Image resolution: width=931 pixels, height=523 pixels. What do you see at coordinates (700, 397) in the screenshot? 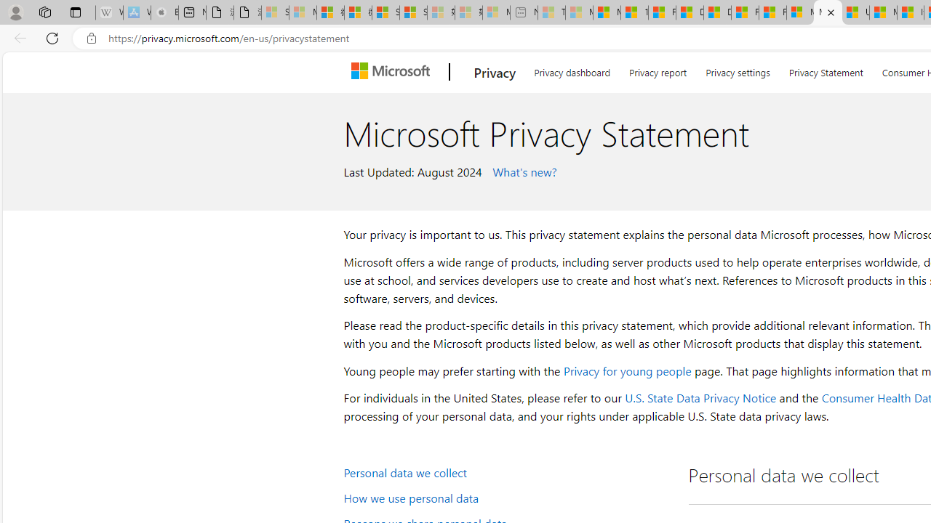
I see `'U.S. State Data Privacy Notice'` at bounding box center [700, 397].